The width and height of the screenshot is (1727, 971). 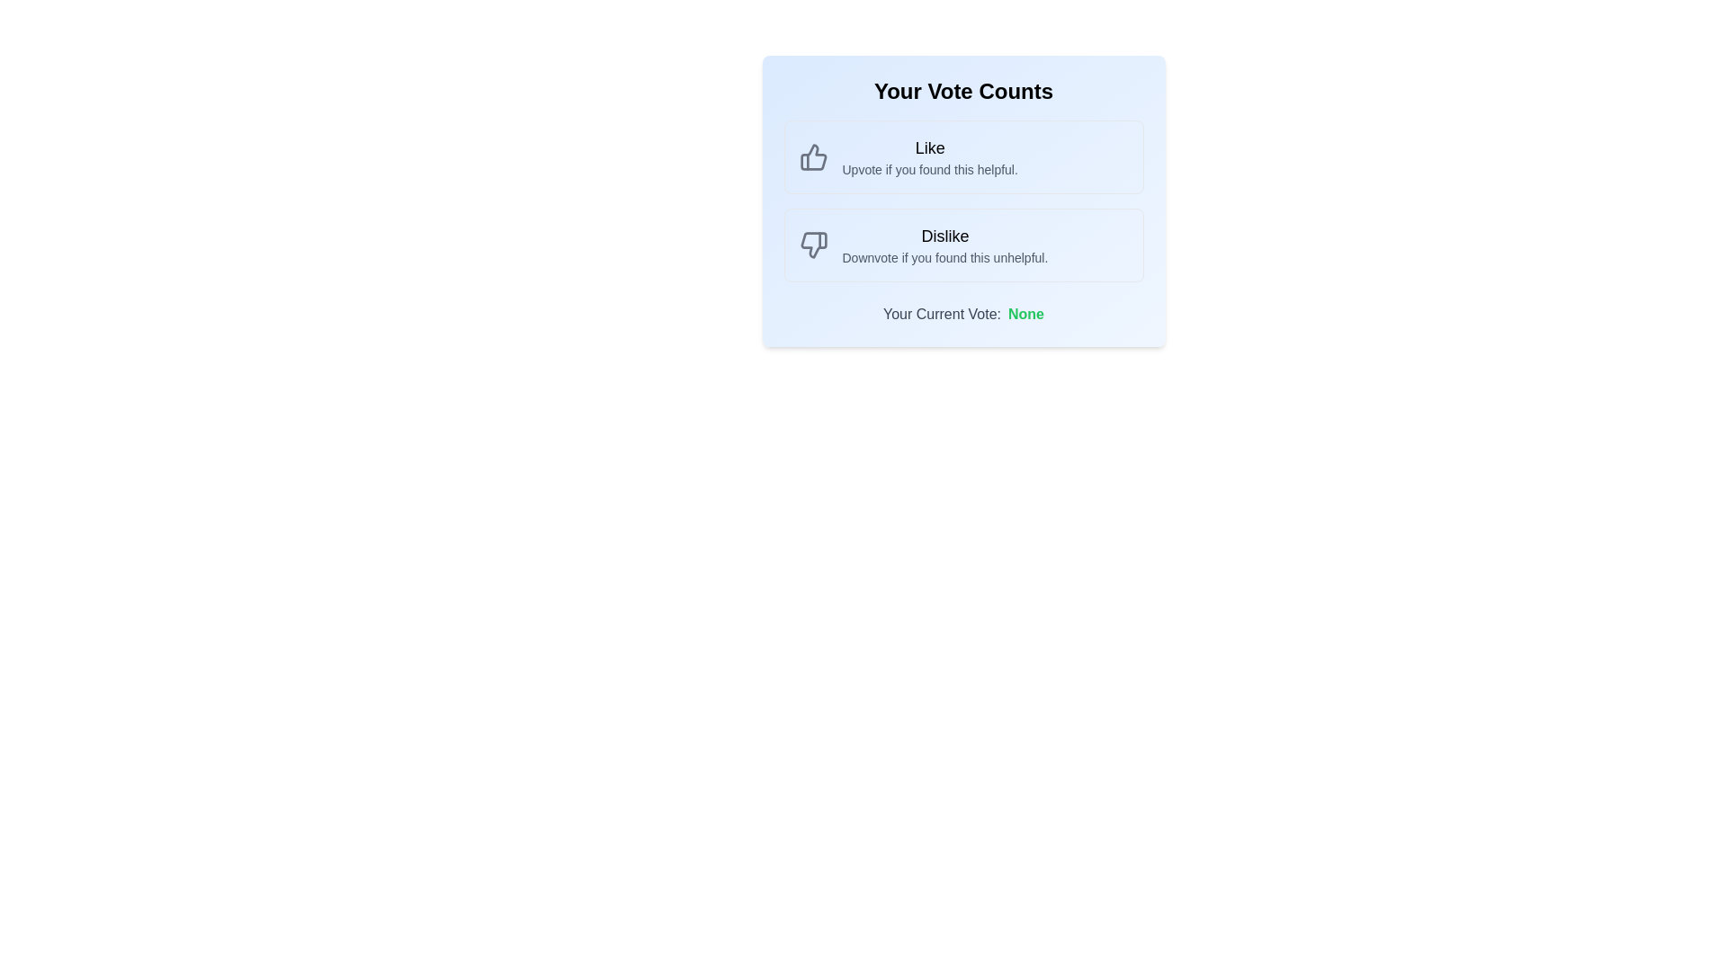 What do you see at coordinates (1026, 313) in the screenshot?
I see `the text label displaying the user's current vote status, which indicates 'Your Current Vote: None' and is located within the panel labeled 'Your Vote Counts'` at bounding box center [1026, 313].